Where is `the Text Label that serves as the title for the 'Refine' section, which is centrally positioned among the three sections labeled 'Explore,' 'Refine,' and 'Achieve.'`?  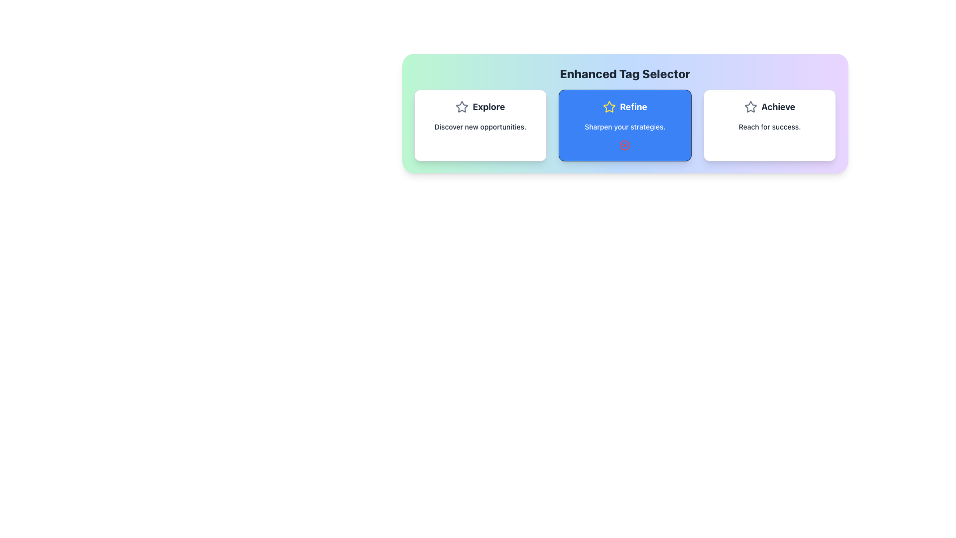 the Text Label that serves as the title for the 'Refine' section, which is centrally positioned among the three sections labeled 'Explore,' 'Refine,' and 'Achieve.' is located at coordinates (624, 107).